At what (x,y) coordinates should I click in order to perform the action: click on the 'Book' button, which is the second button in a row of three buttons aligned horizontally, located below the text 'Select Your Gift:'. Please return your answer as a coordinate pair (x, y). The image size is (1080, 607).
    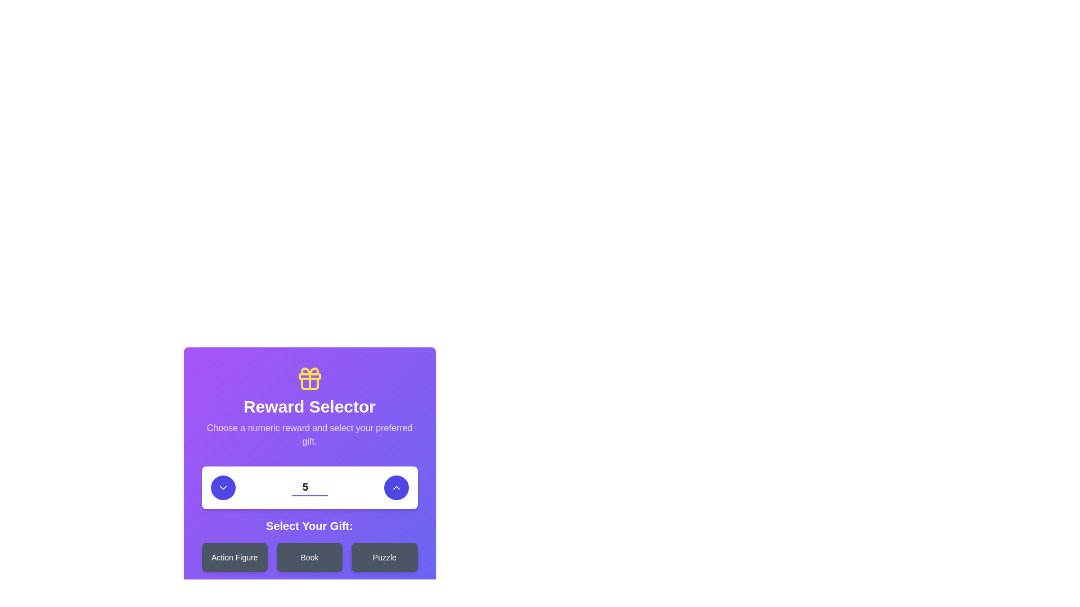
    Looking at the image, I should click on (309, 557).